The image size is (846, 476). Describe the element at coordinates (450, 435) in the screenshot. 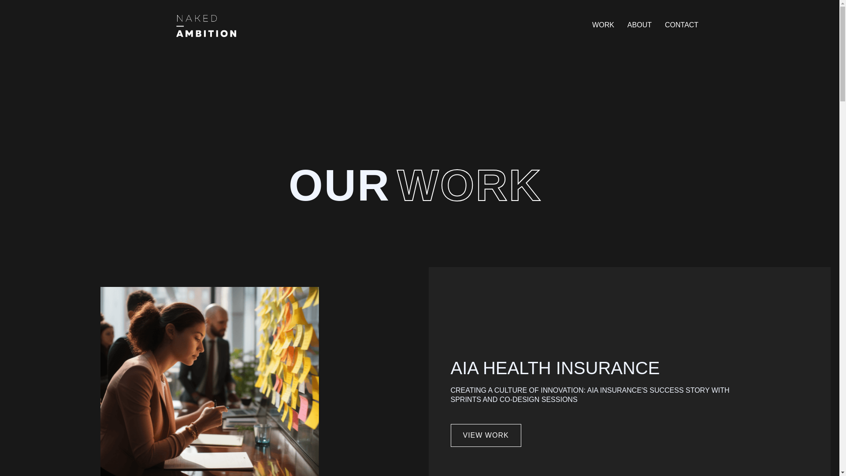

I see `'VIEW WORK'` at that location.